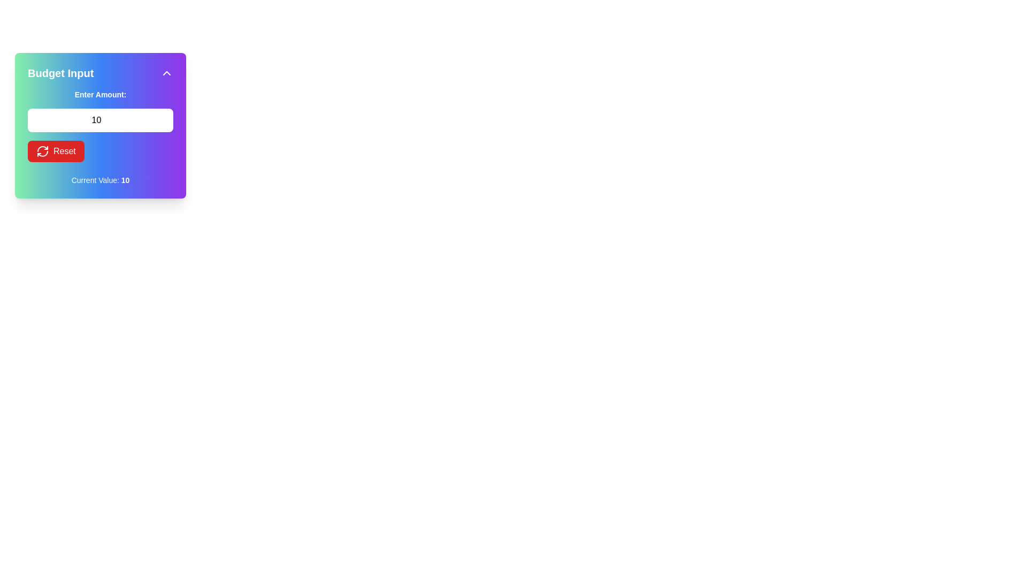 This screenshot has height=578, width=1027. What do you see at coordinates (60, 73) in the screenshot?
I see `'Budget Input' text label, which is bold, large-sized, and styled in white against a gradient background` at bounding box center [60, 73].